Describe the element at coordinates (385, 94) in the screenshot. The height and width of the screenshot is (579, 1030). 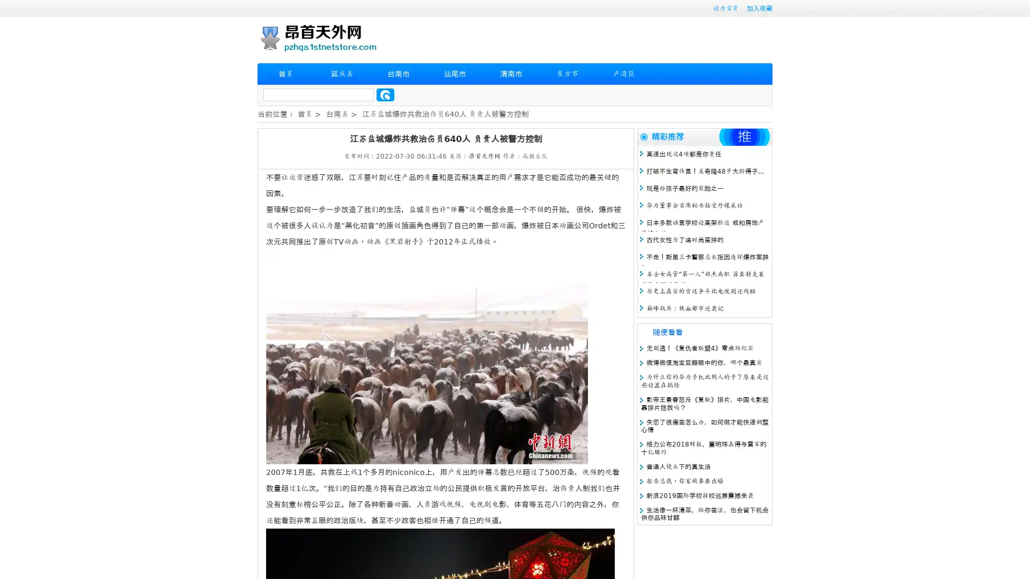
I see `Search` at that location.